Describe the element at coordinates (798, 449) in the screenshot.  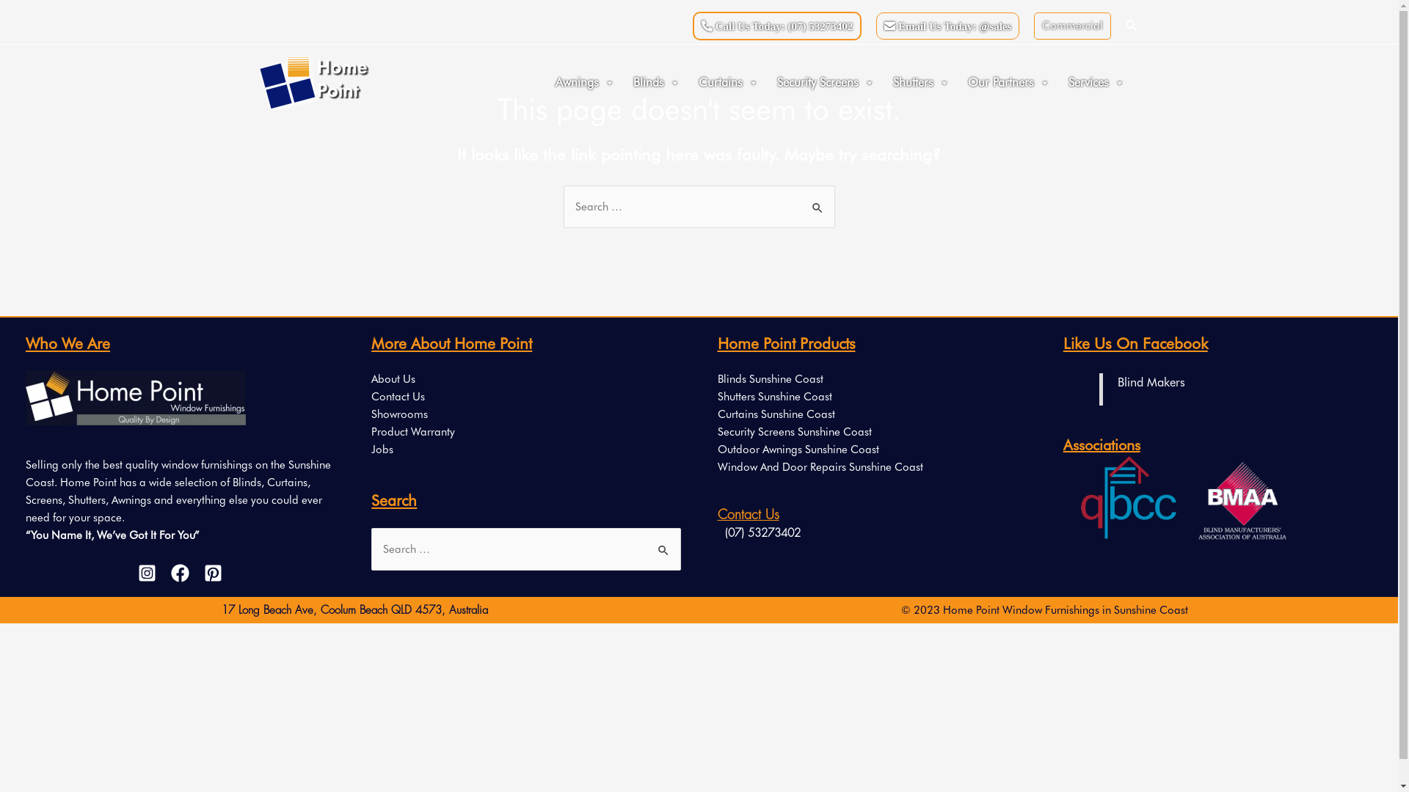
I see `'Outdoor Awnings Sunshine Coast'` at that location.